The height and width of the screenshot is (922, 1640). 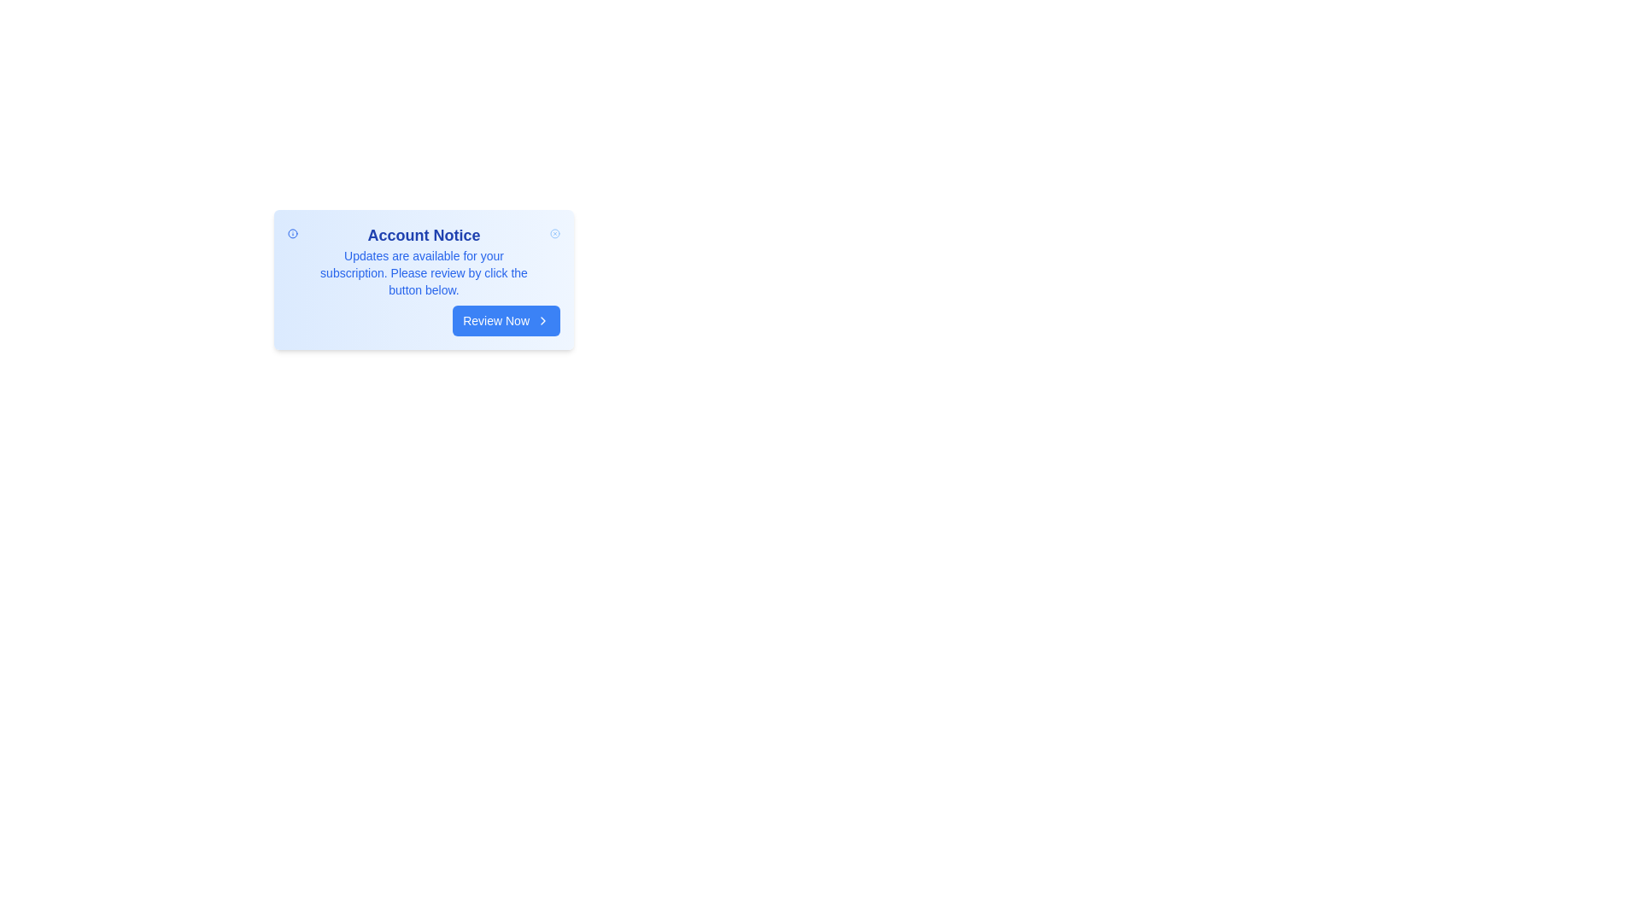 What do you see at coordinates (311, 247) in the screenshot?
I see `the notification text for copying` at bounding box center [311, 247].